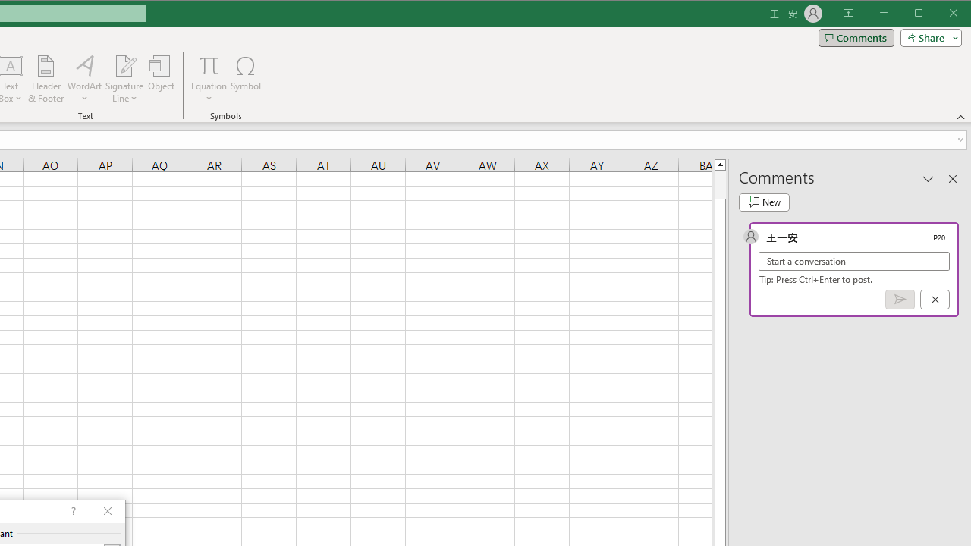 The height and width of the screenshot is (546, 971). I want to click on 'Post comment (Ctrl + Enter)', so click(900, 300).